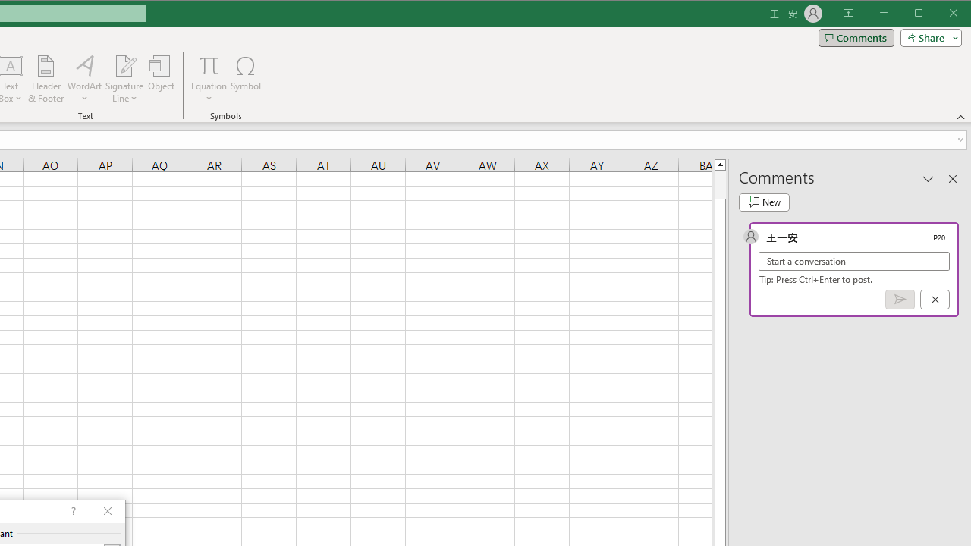 The height and width of the screenshot is (546, 971). I want to click on 'Post comment (Ctrl + Enter)', so click(900, 300).